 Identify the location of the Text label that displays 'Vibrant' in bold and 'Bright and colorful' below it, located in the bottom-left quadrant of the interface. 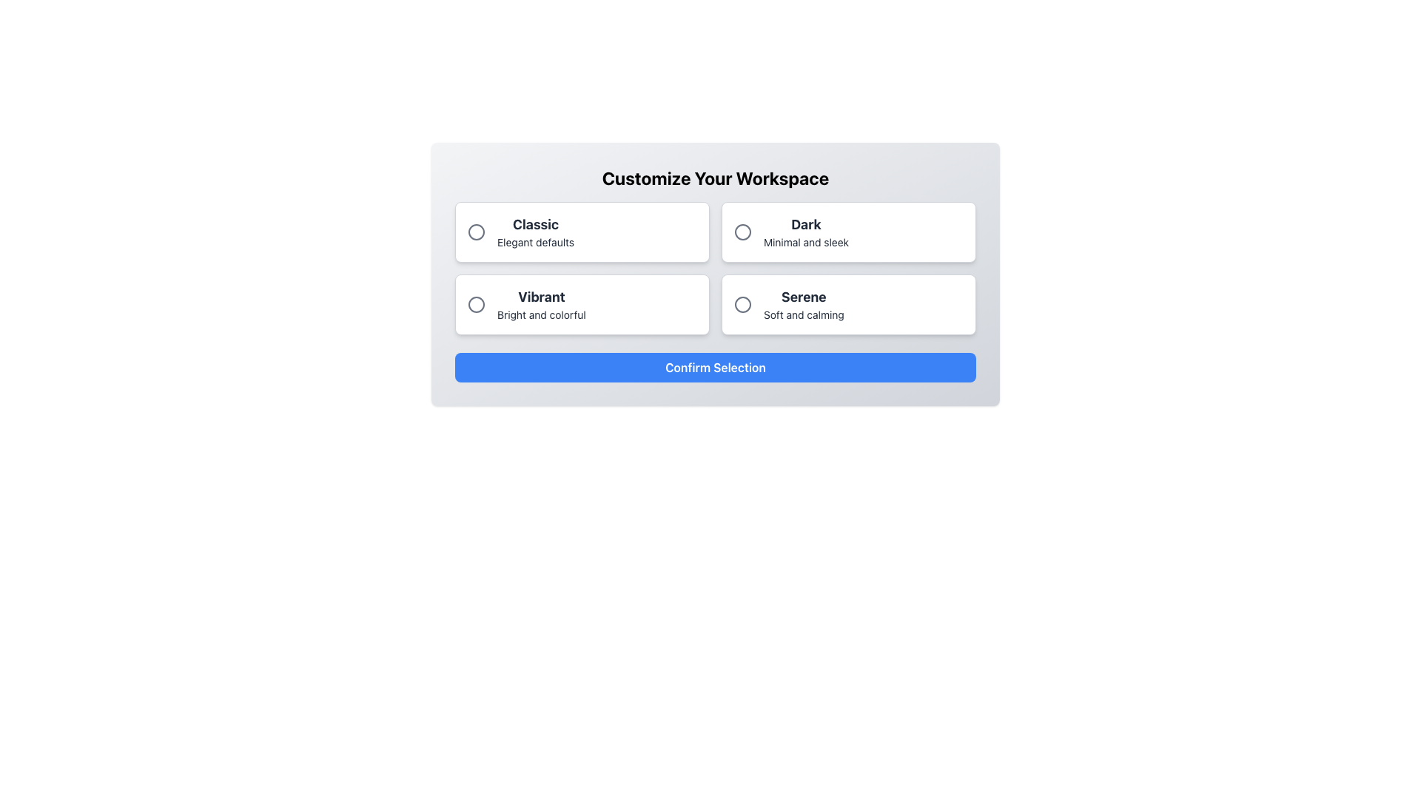
(540, 304).